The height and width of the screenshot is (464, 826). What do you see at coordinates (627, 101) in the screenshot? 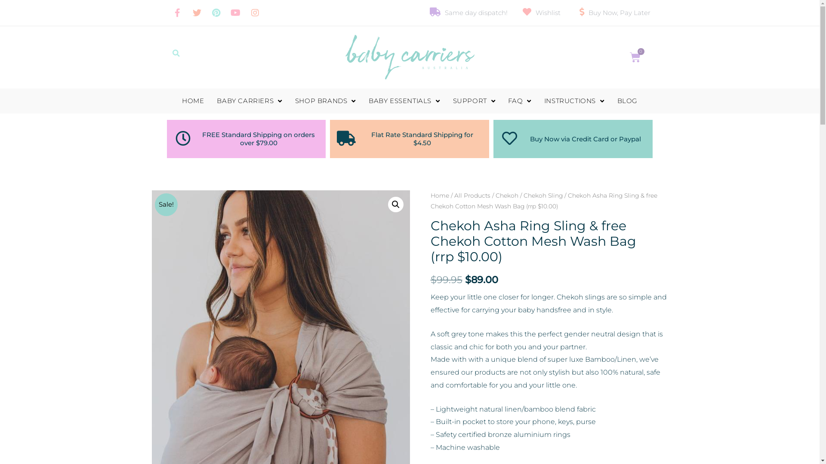
I see `'BLOG'` at bounding box center [627, 101].